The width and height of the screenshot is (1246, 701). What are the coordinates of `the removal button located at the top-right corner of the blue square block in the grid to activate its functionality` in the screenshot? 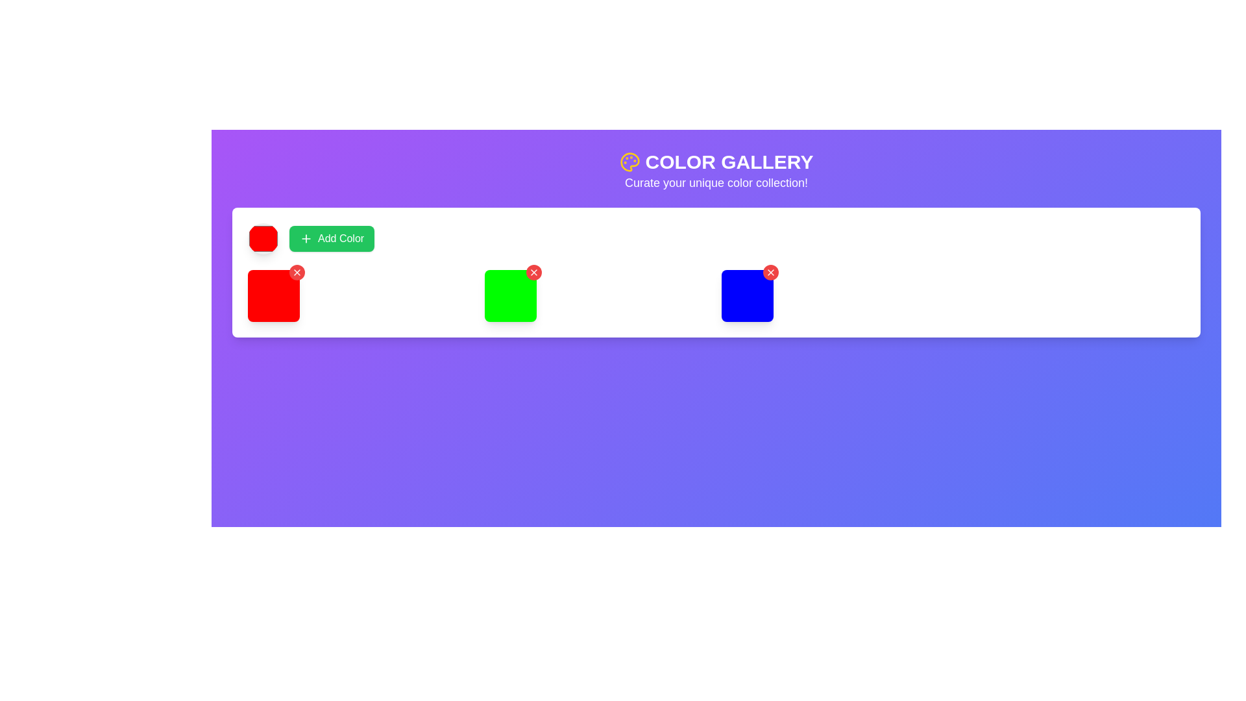 It's located at (771, 272).